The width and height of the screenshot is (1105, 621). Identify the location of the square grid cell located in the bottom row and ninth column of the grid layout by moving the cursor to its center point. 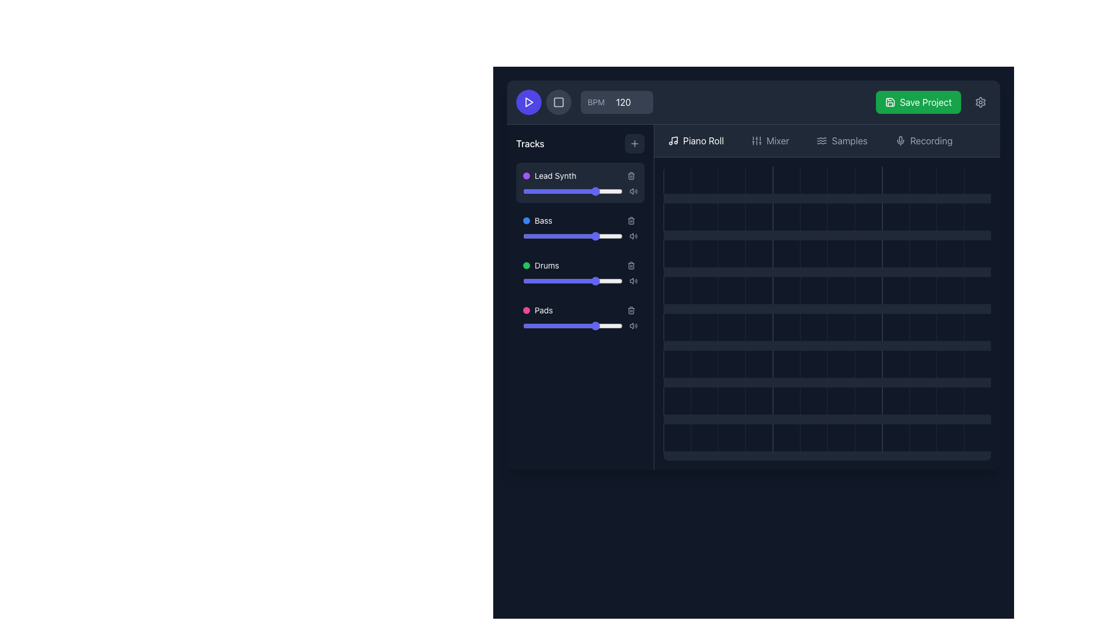
(895, 400).